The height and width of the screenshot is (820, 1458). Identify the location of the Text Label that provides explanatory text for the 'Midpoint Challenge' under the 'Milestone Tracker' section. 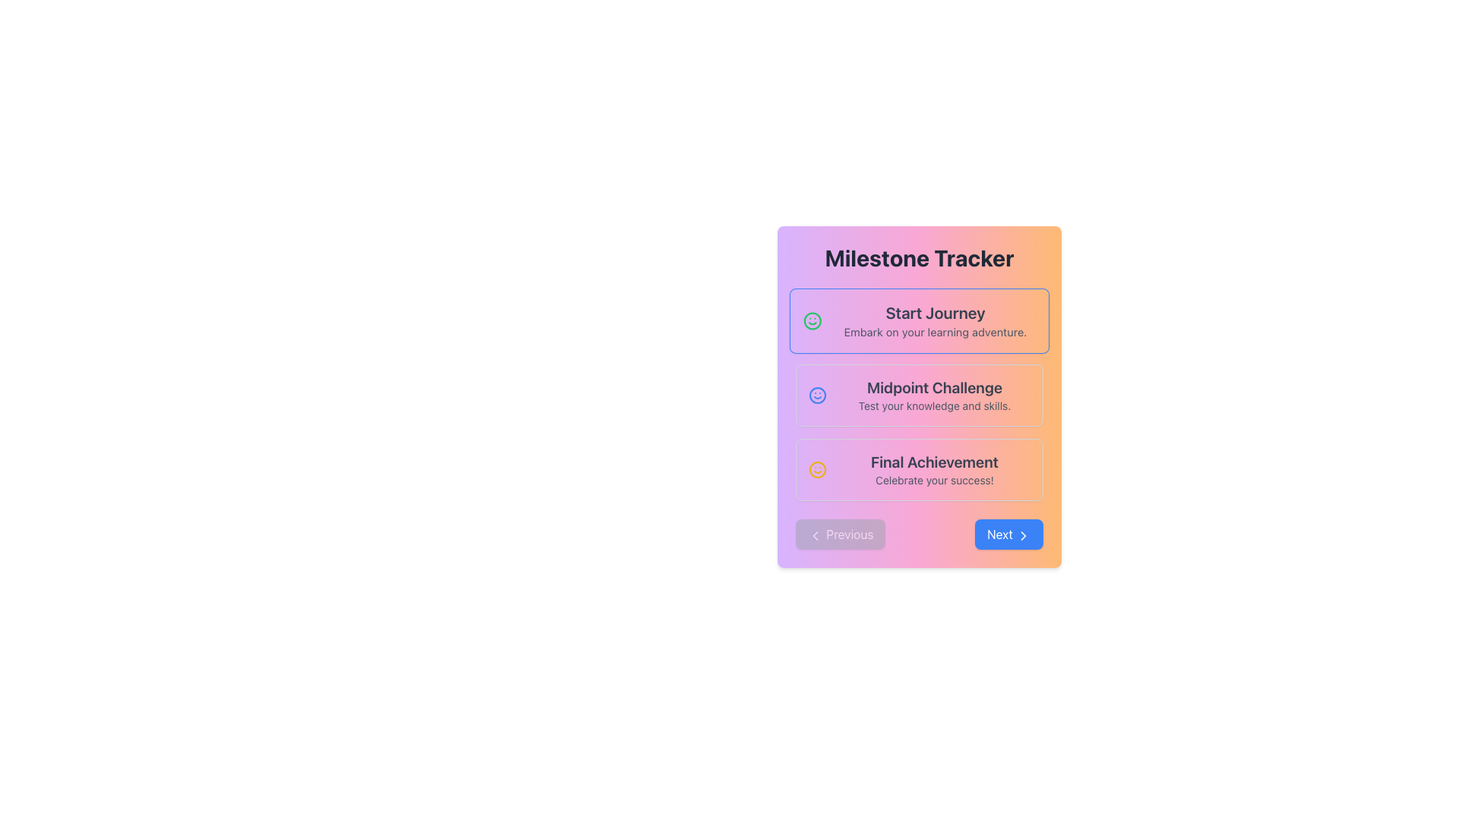
(933, 405).